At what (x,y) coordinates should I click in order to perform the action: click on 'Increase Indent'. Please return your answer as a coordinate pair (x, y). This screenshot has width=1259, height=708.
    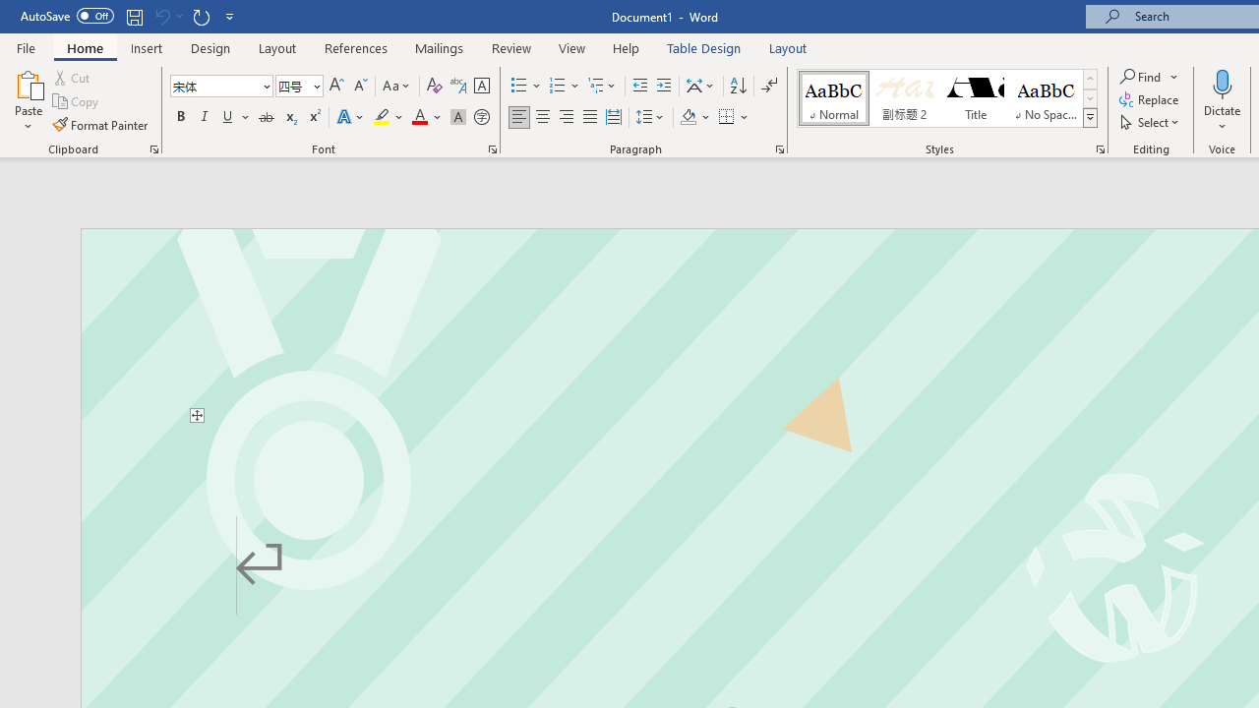
    Looking at the image, I should click on (664, 85).